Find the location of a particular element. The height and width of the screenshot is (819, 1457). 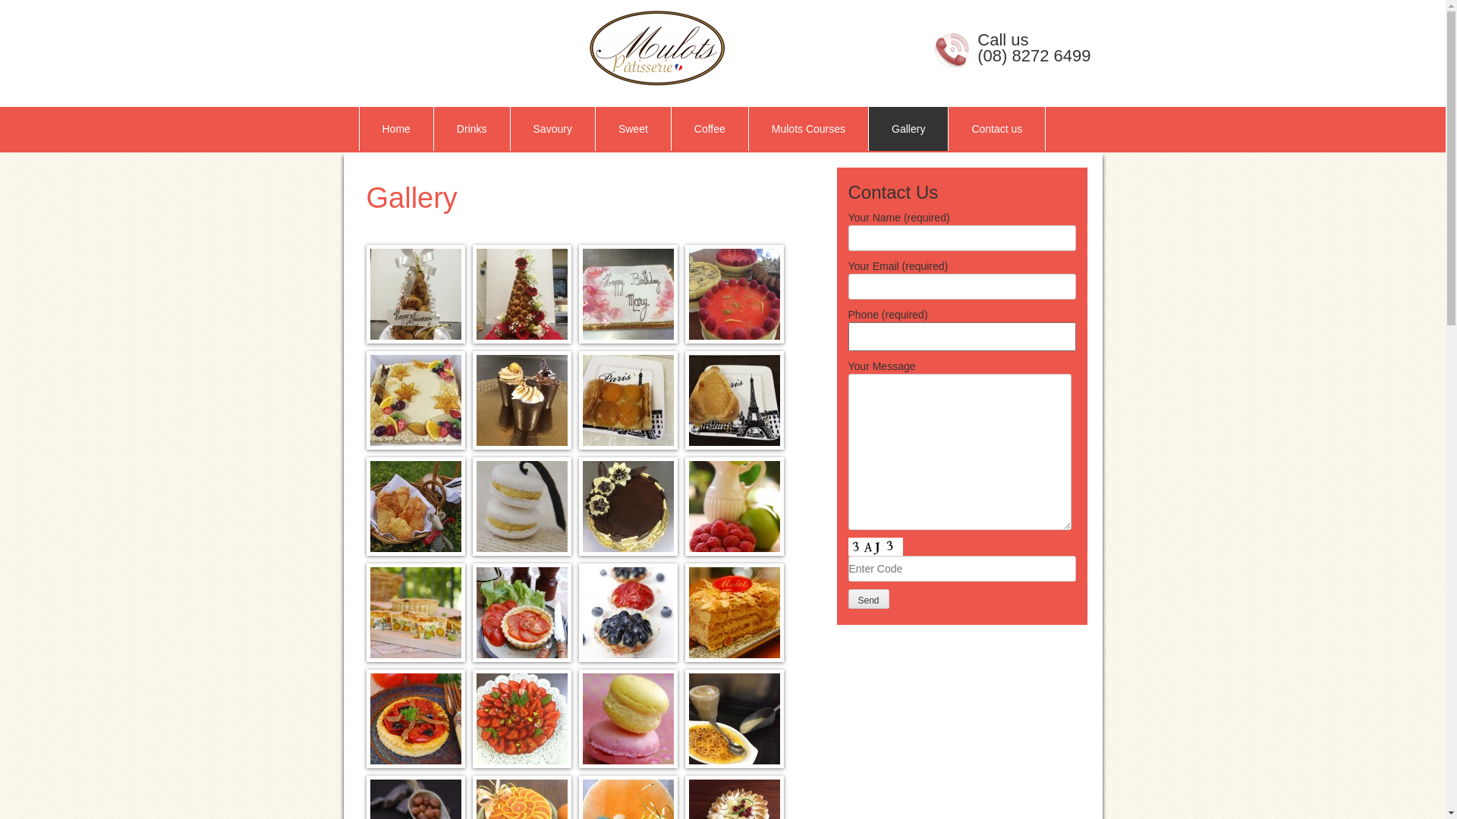

'Mulots Courses' is located at coordinates (807, 127).